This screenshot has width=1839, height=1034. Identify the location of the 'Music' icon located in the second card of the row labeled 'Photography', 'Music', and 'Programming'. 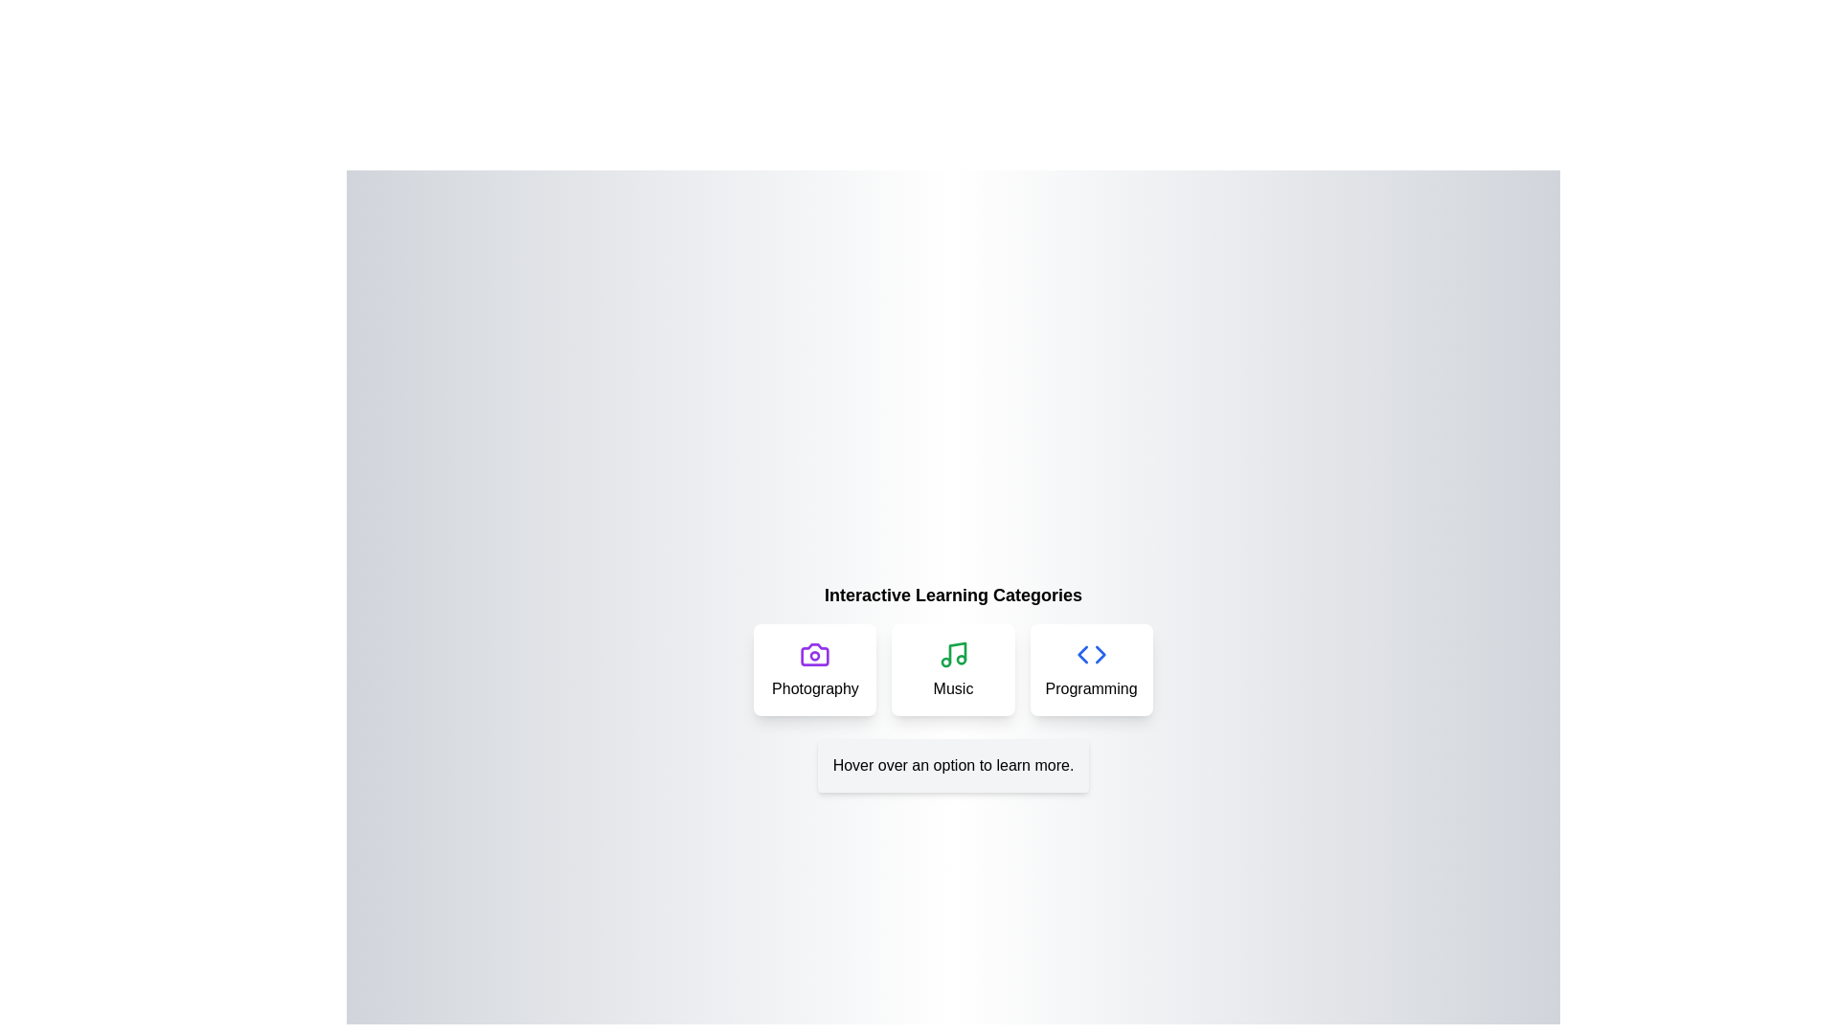
(953, 653).